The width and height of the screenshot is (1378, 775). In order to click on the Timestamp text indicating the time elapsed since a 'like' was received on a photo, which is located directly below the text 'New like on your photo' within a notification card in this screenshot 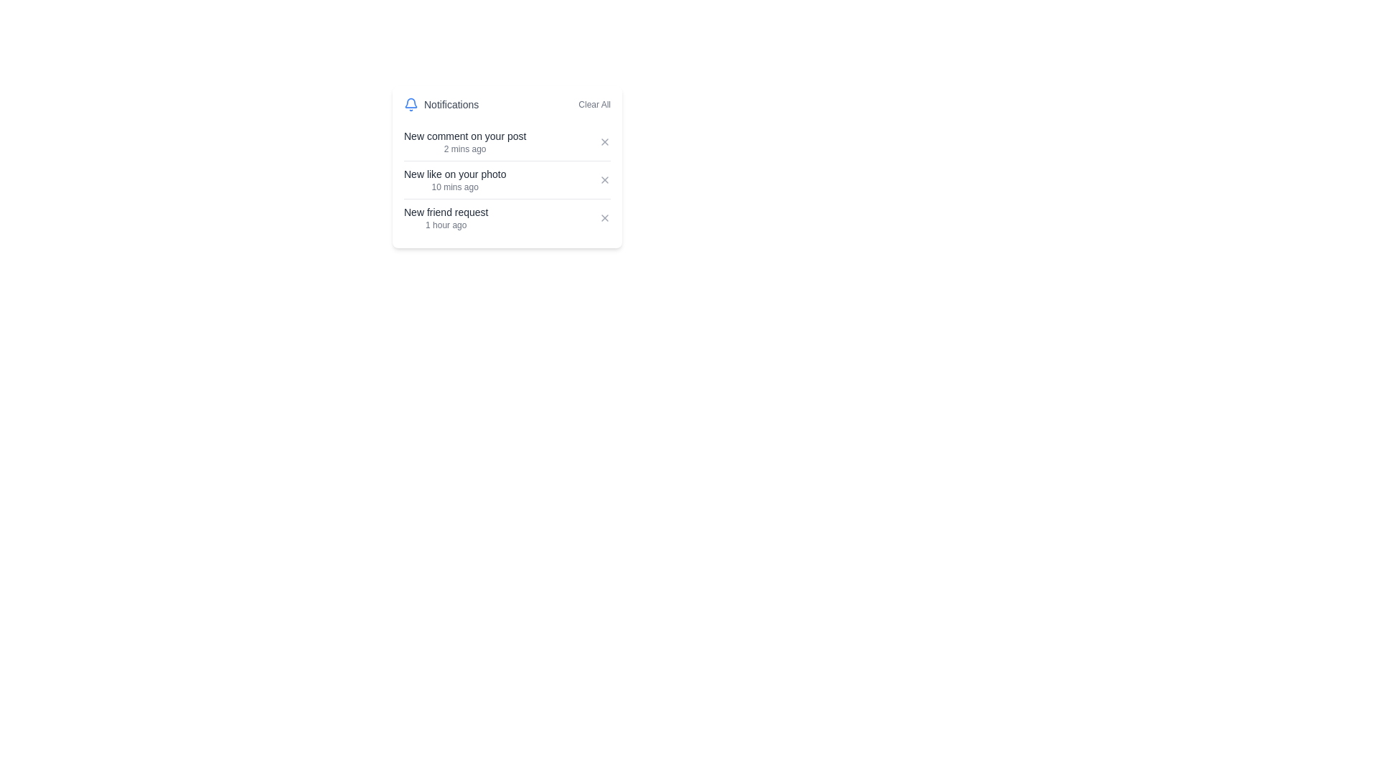, I will do `click(454, 187)`.